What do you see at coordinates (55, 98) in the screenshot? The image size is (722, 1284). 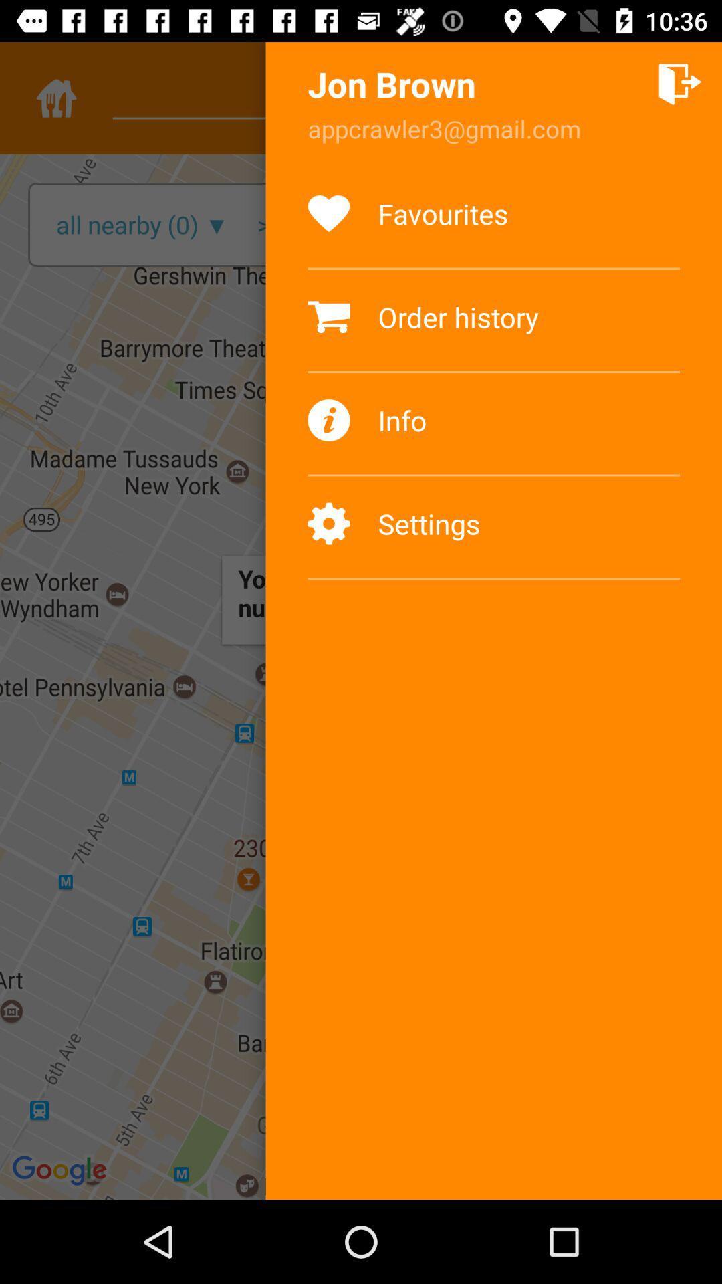 I see `the home icon` at bounding box center [55, 98].